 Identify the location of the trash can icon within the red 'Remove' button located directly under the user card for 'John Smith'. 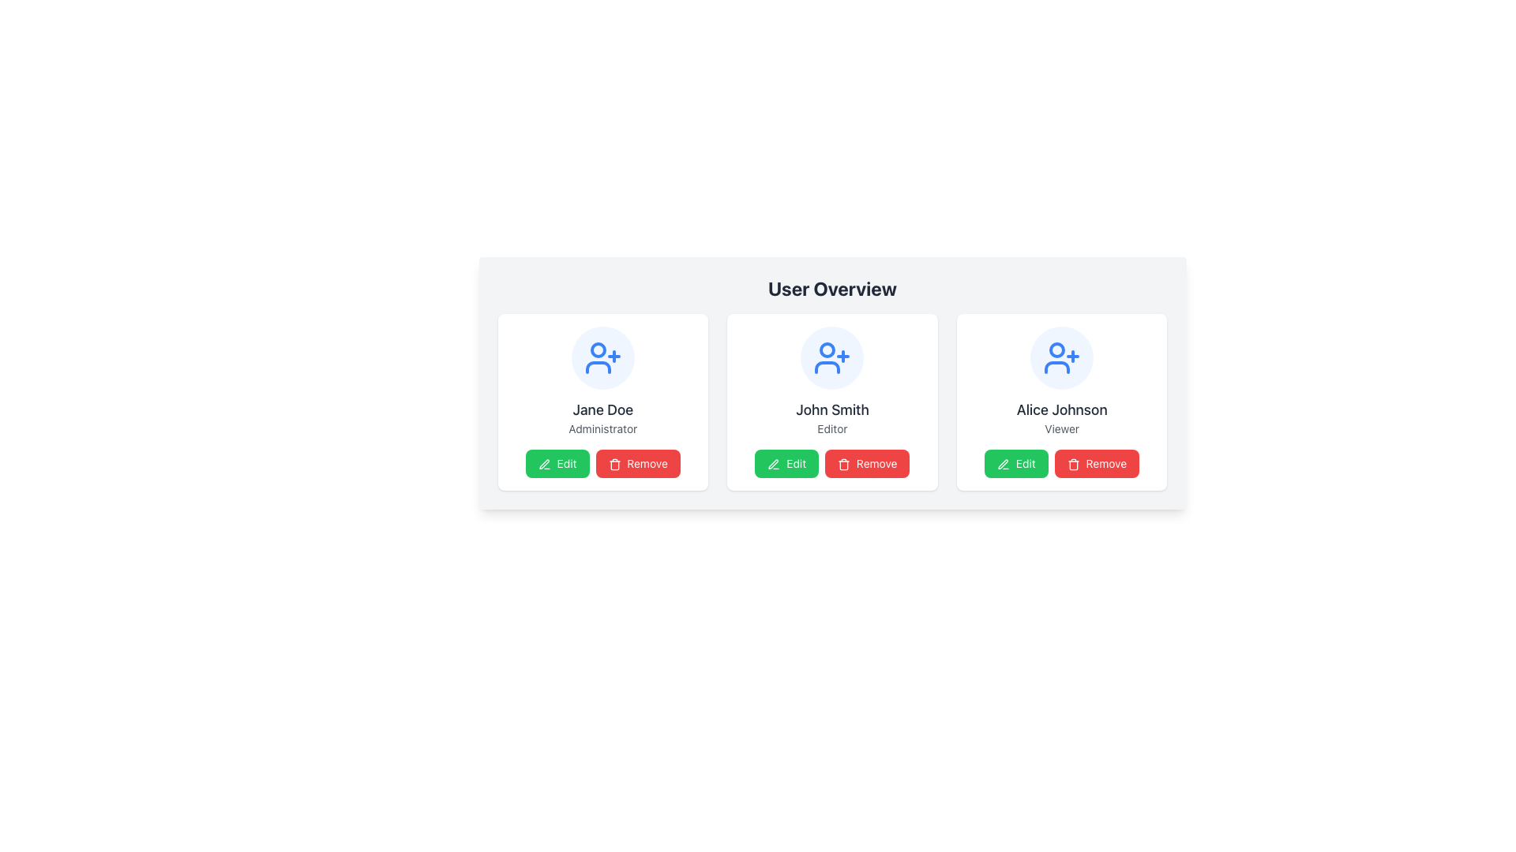
(843, 464).